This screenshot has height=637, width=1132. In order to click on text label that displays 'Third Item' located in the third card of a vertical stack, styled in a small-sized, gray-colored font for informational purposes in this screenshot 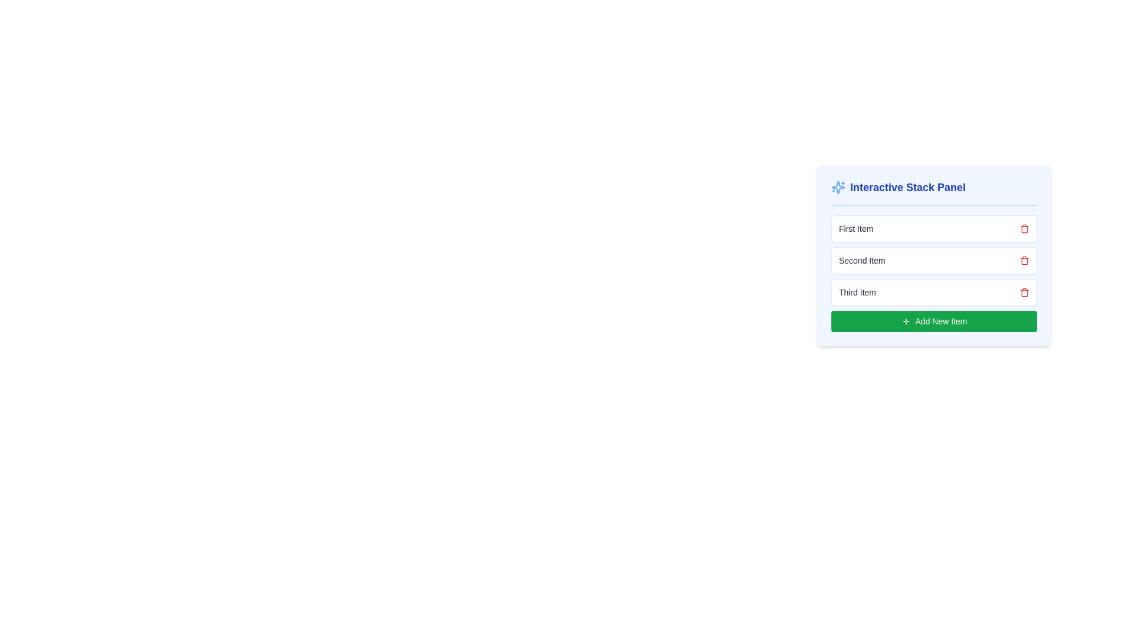, I will do `click(857, 292)`.